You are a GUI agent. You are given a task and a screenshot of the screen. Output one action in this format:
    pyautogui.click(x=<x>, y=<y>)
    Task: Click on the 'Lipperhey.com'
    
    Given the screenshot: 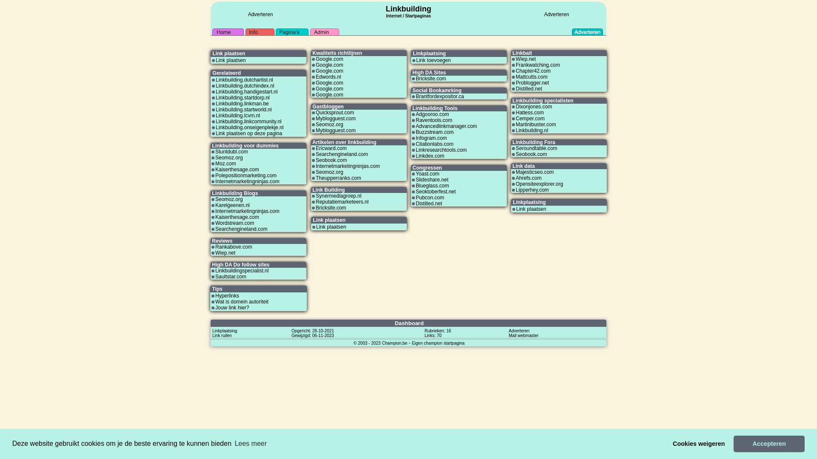 What is the action you would take?
    pyautogui.click(x=515, y=190)
    